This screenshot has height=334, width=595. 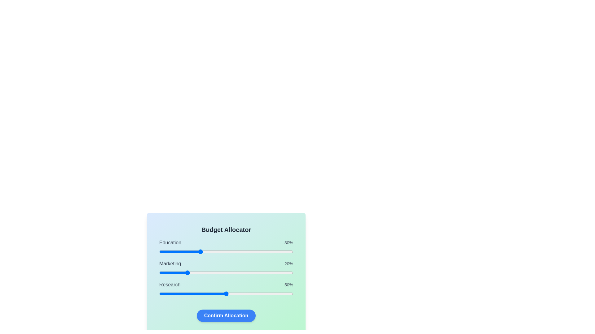 I want to click on the Education slider to 58%, so click(x=236, y=251).